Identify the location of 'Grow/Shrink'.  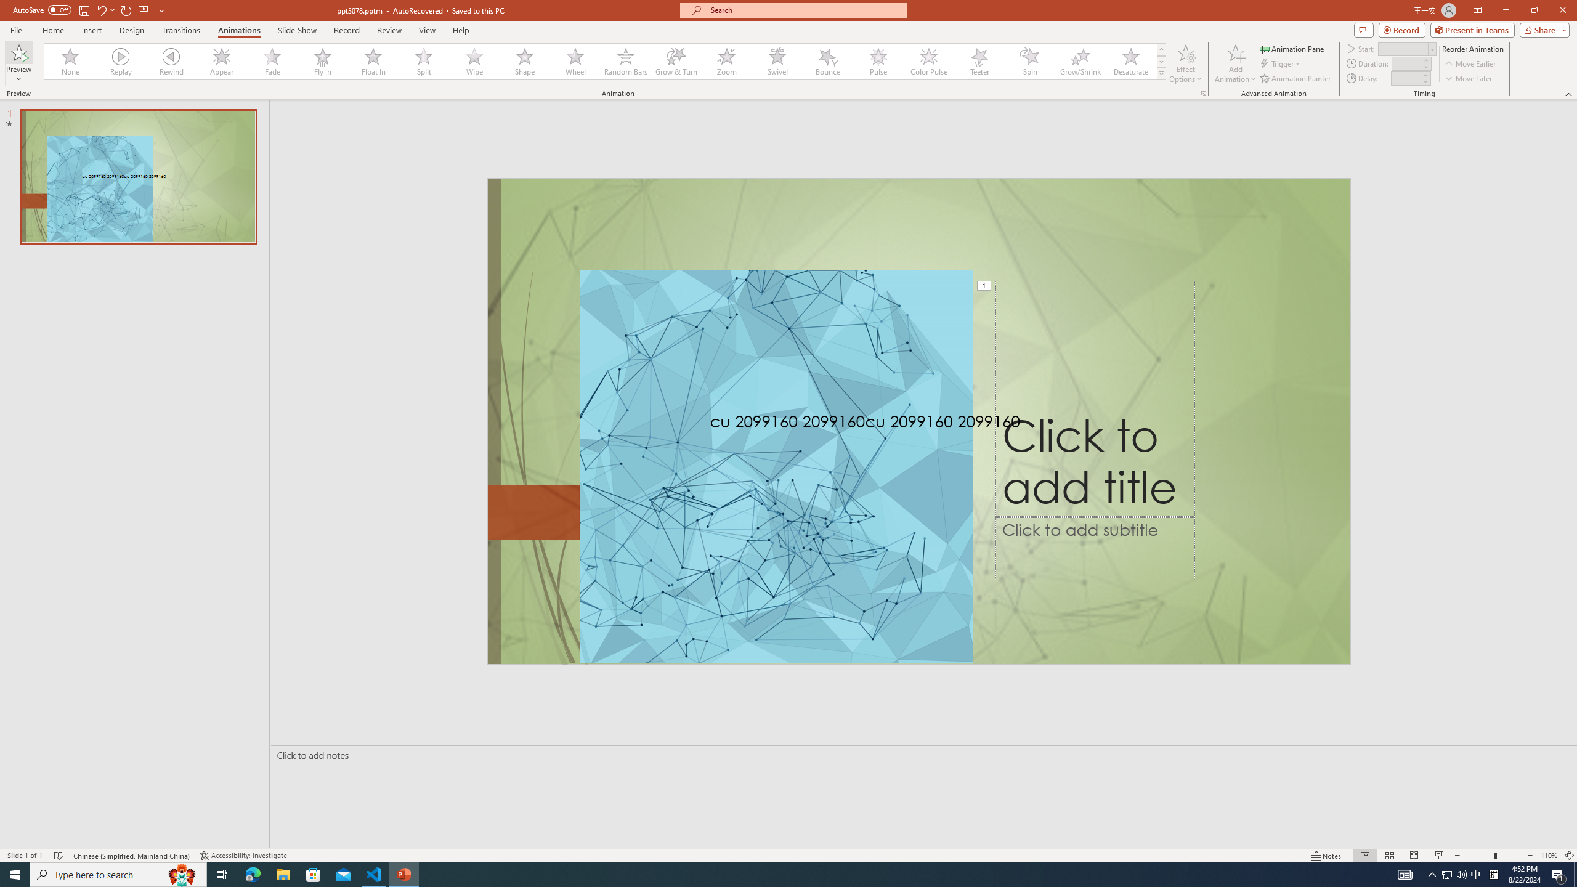
(1079, 61).